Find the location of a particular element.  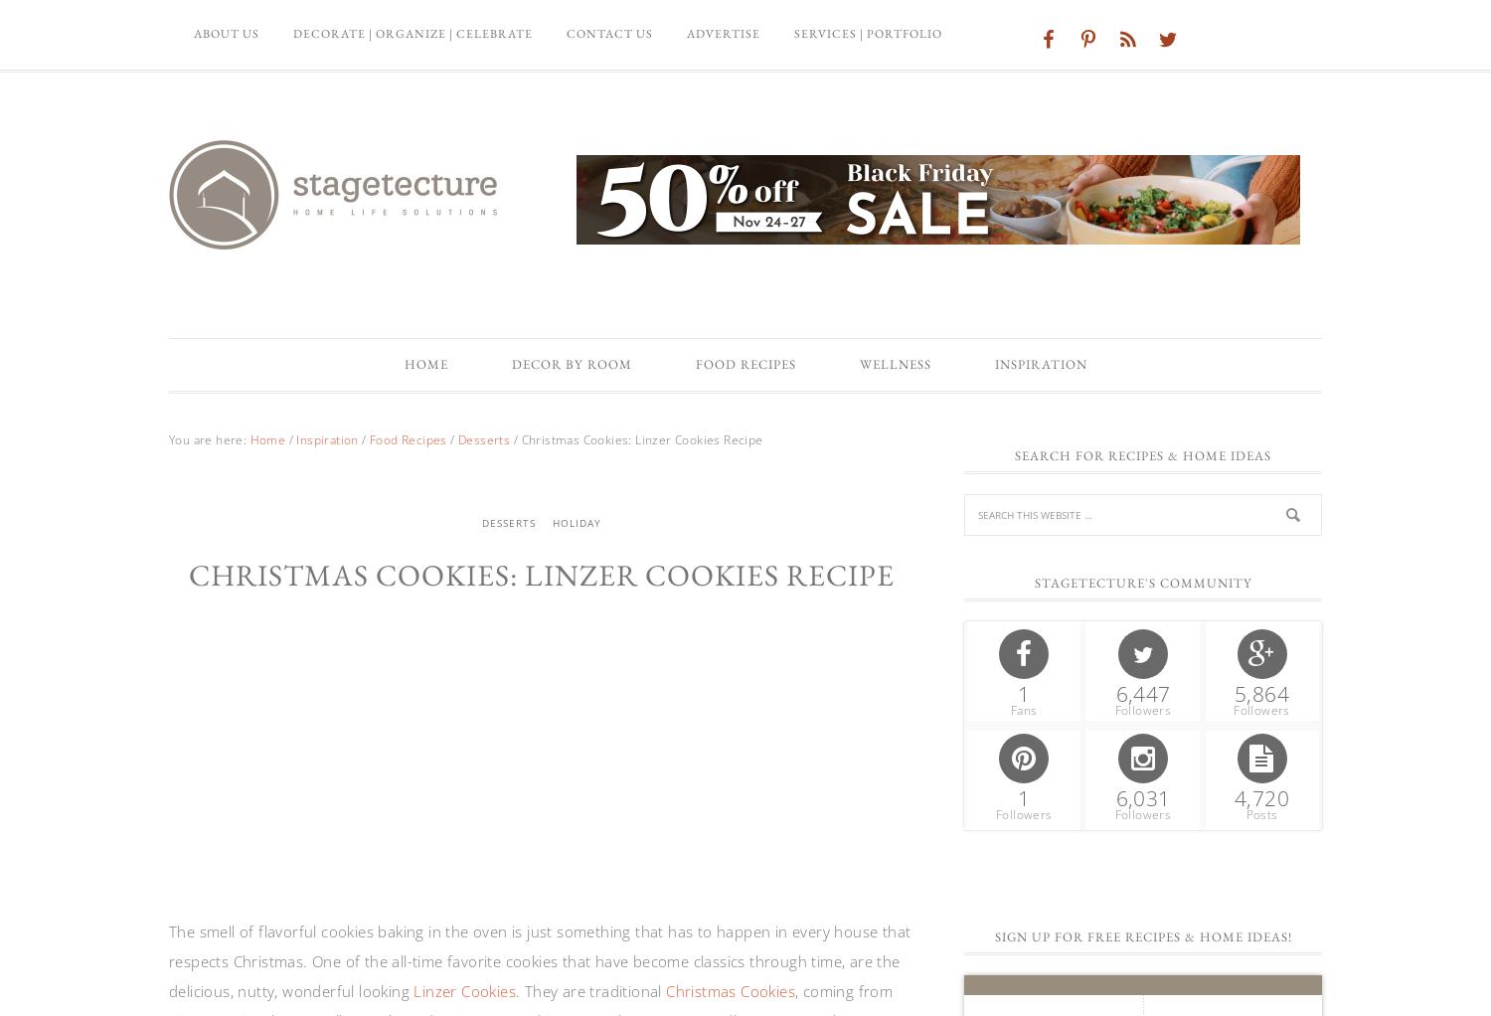

'Wellness' is located at coordinates (895, 363).